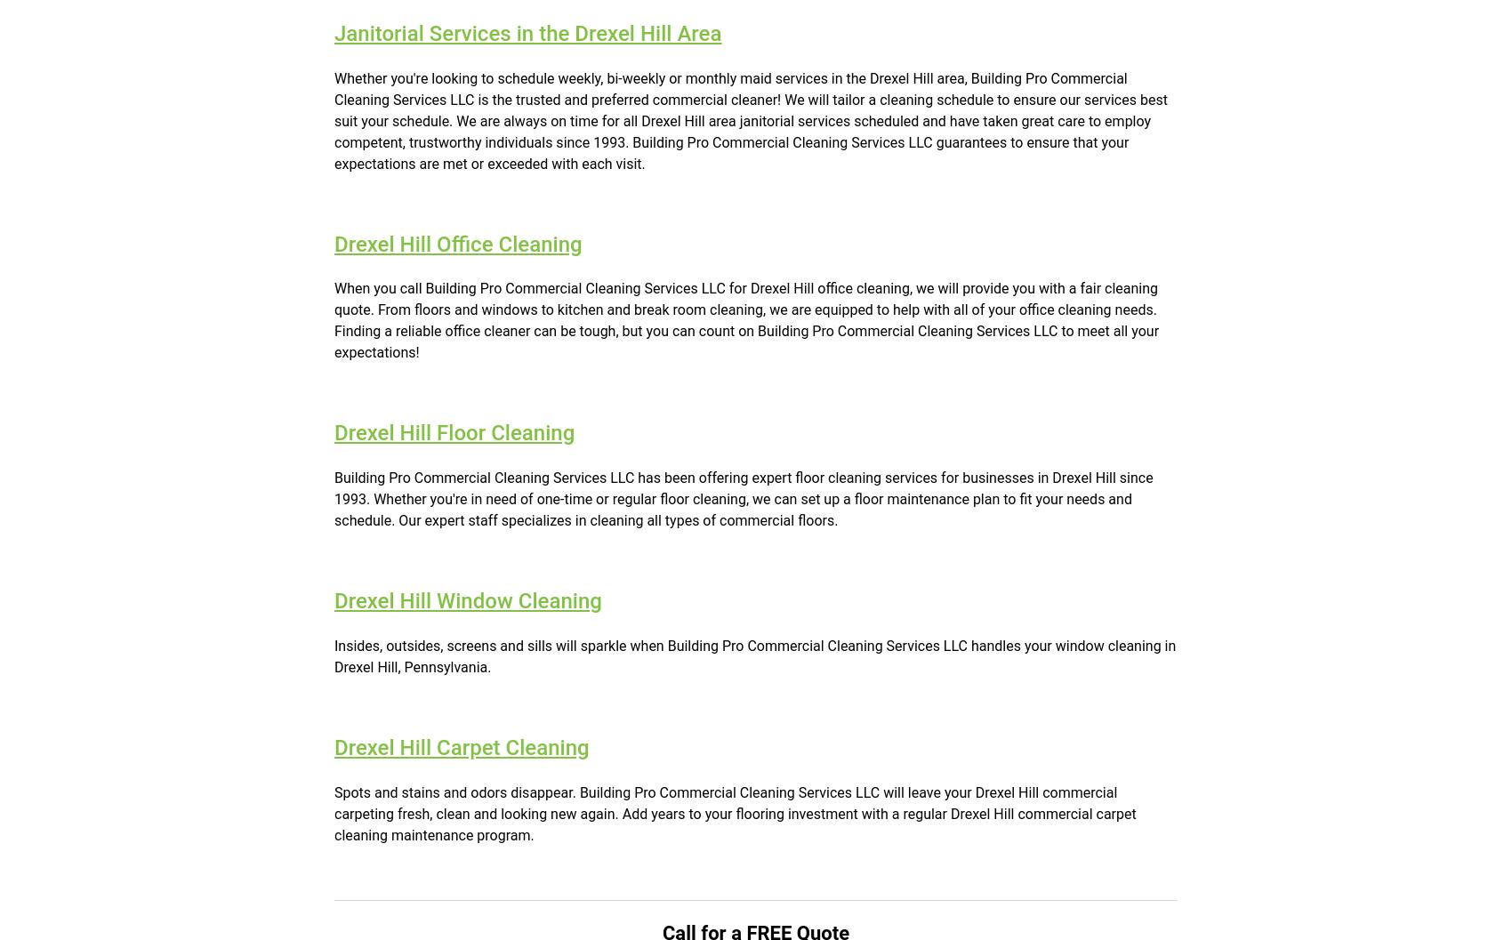 Image resolution: width=1512 pixels, height=940 pixels. Describe the element at coordinates (750, 119) in the screenshot. I see `'Whether you're looking to schedule weekly, bi-weekly or monthly maid services in the Drexel Hill area, Building Pro Commercial Cleaning Services LLC is the trusted and preferred commercial cleaner! We will tailor a cleaning schedule to ensure our services best suit your schedule. We are always on time for all Drexel Hill area janitorial services scheduled and have taken great care to employ competent, trustworthy individuals since 1993. Building Pro Commercial Cleaning Services LLC guarantees to ensure that your expectations are met or exceeded with each visit.'` at that location.